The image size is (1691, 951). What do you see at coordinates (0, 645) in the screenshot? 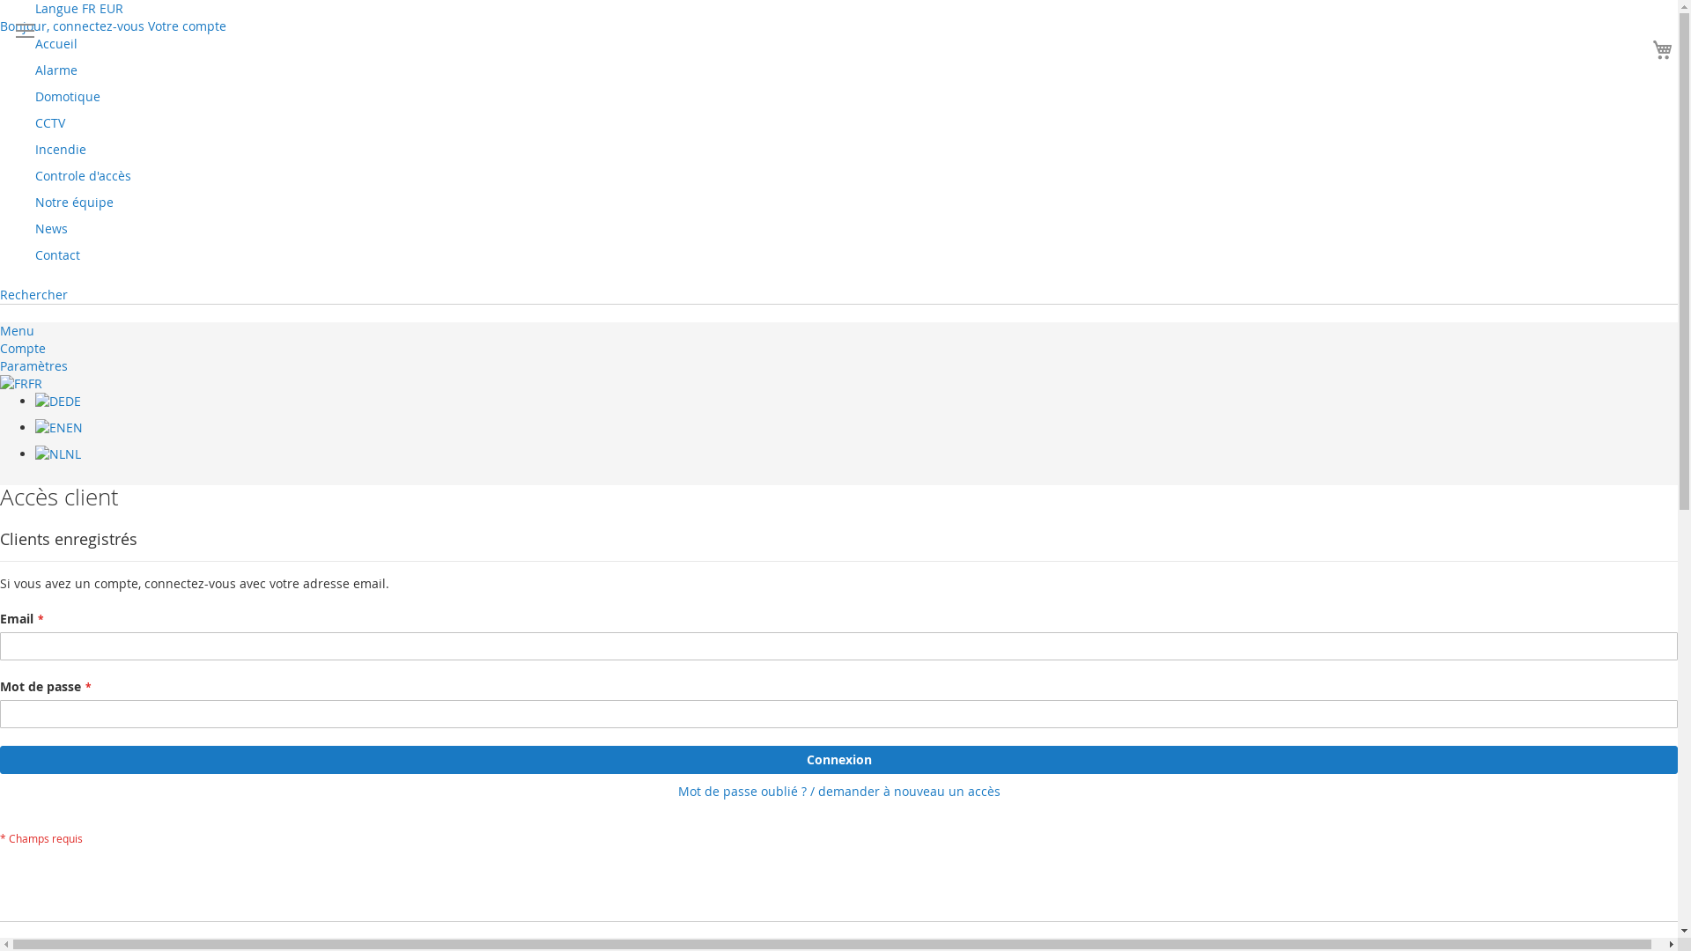
I see `'Email'` at bounding box center [0, 645].